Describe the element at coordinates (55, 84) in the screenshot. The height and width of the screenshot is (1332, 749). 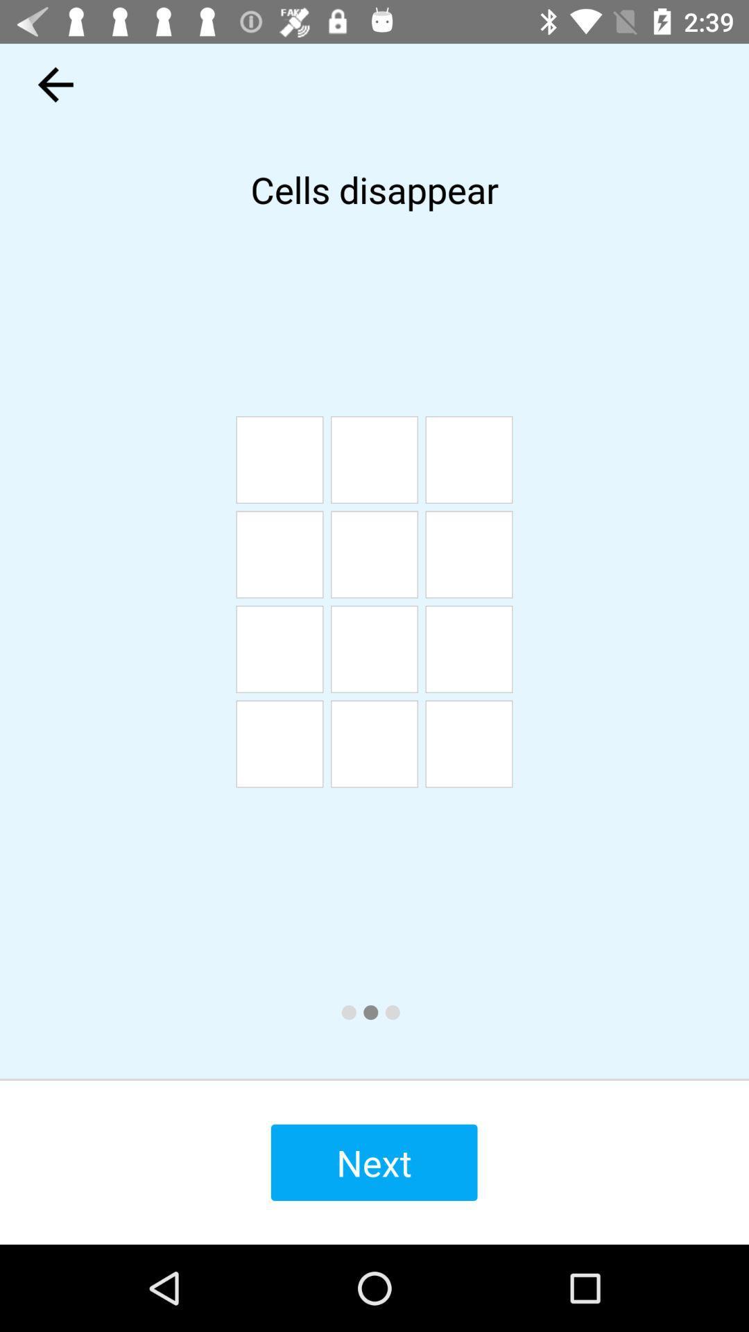
I see `the arrow_backward icon` at that location.